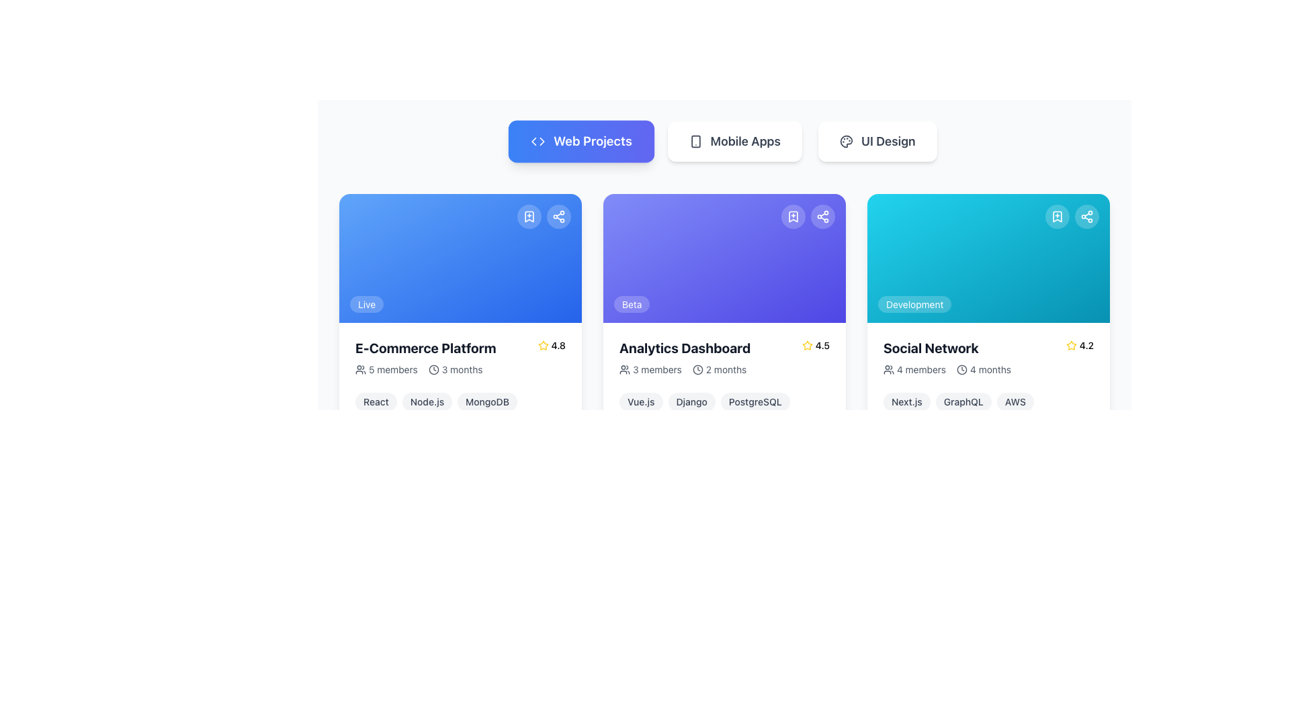 This screenshot has width=1290, height=725. I want to click on the time duration icon located to the left of the '3 months' text in the bottom information section of the 'E-Commerce Platform' card, so click(433, 370).